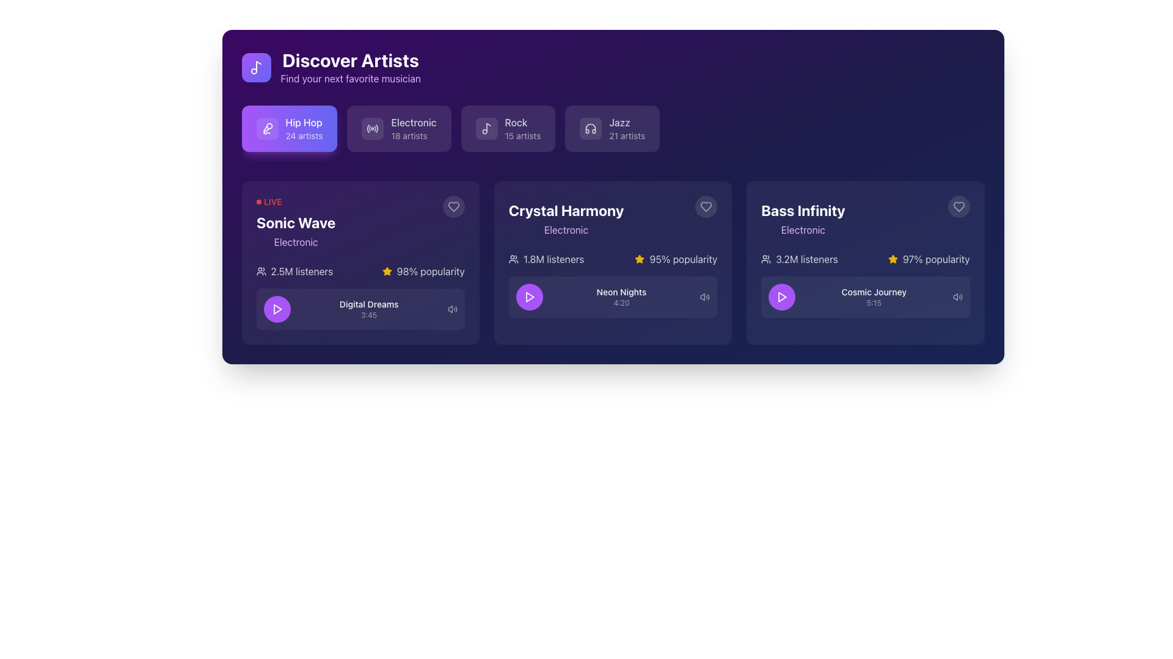  Describe the element at coordinates (782, 297) in the screenshot. I see `the play icon located at the bottom-left corner of the 'Bass Infinity' card to initiate playback of the associated content` at that location.